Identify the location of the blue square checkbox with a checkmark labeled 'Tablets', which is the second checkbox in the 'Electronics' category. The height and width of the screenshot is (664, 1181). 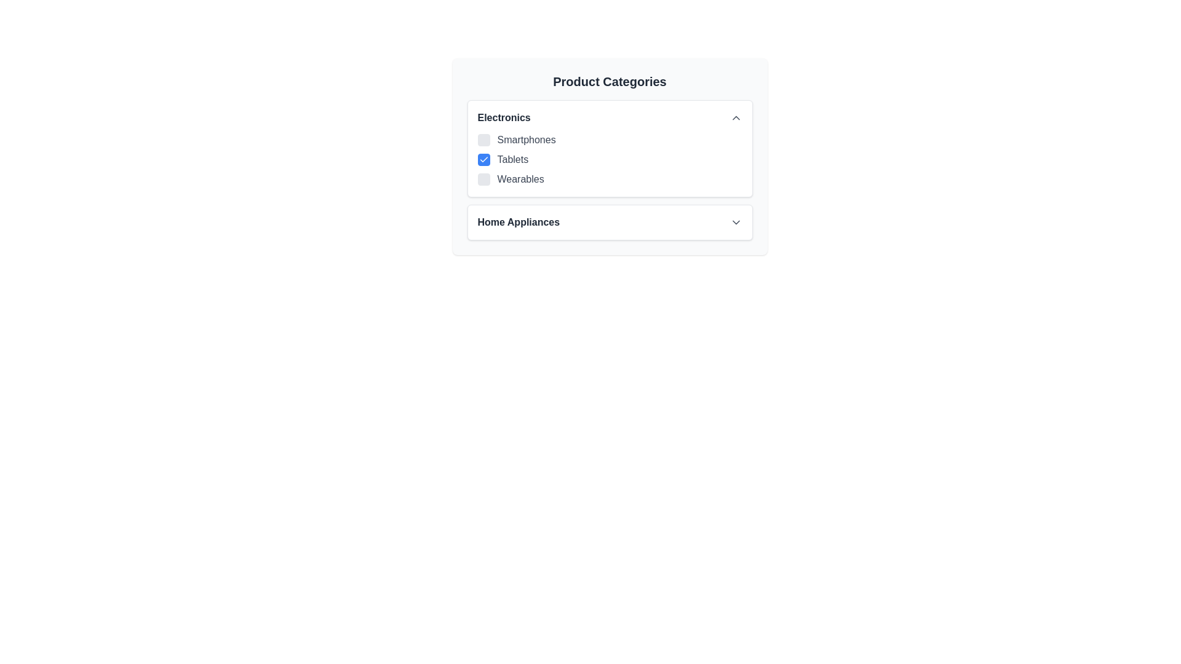
(610, 156).